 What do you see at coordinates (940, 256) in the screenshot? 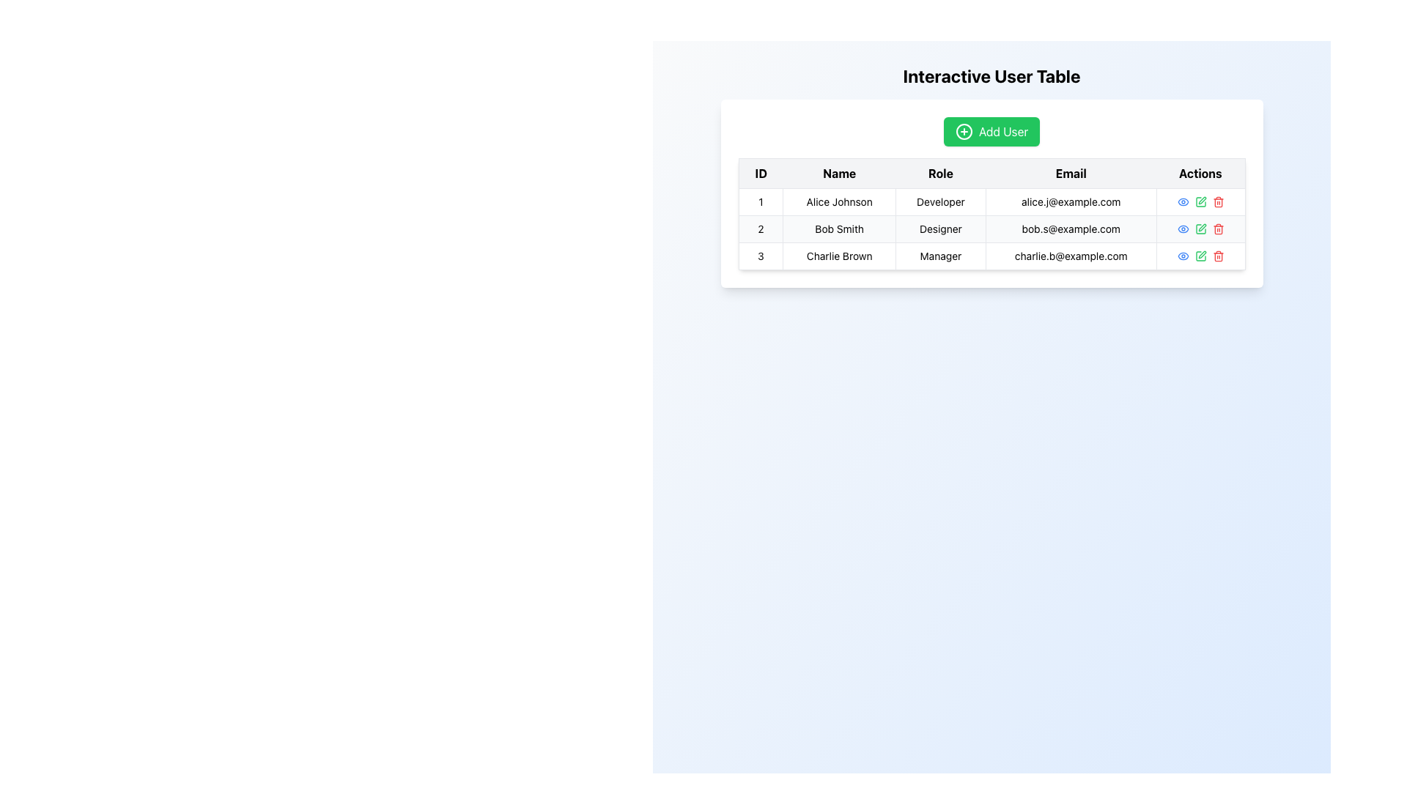
I see `text label displaying 'Manager' in plain black font, which is located in the 'Role' column of the 'Interactive User Table' for user 'Charlie Brown'` at bounding box center [940, 256].